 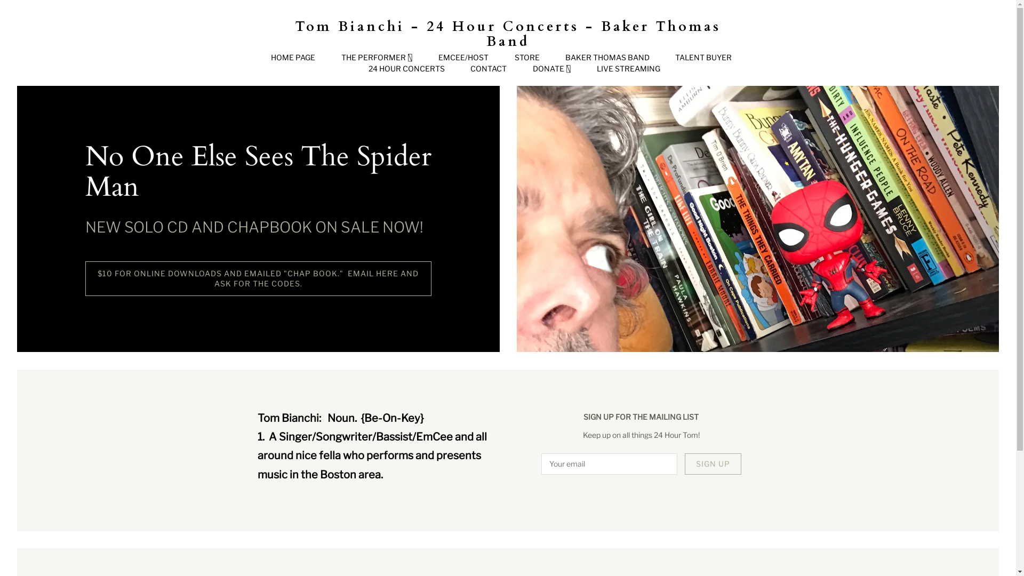 What do you see at coordinates (607, 58) in the screenshot?
I see `'BAKER THOMAS BAND'` at bounding box center [607, 58].